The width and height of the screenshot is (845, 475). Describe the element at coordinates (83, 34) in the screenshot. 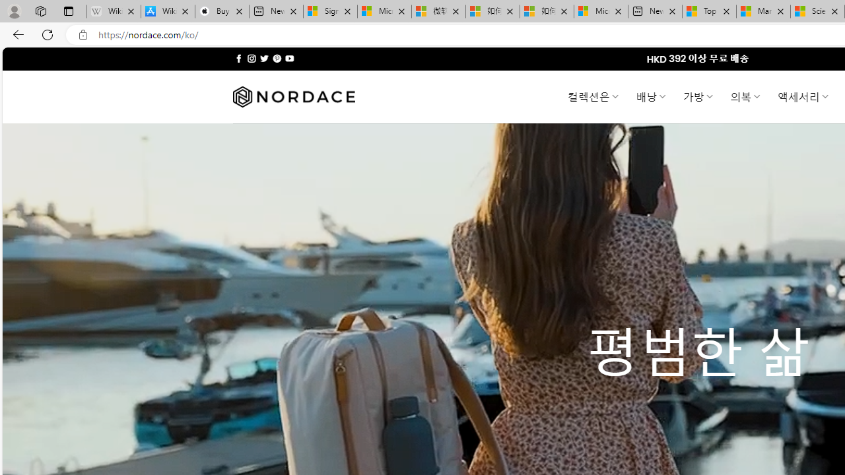

I see `'View site information'` at that location.